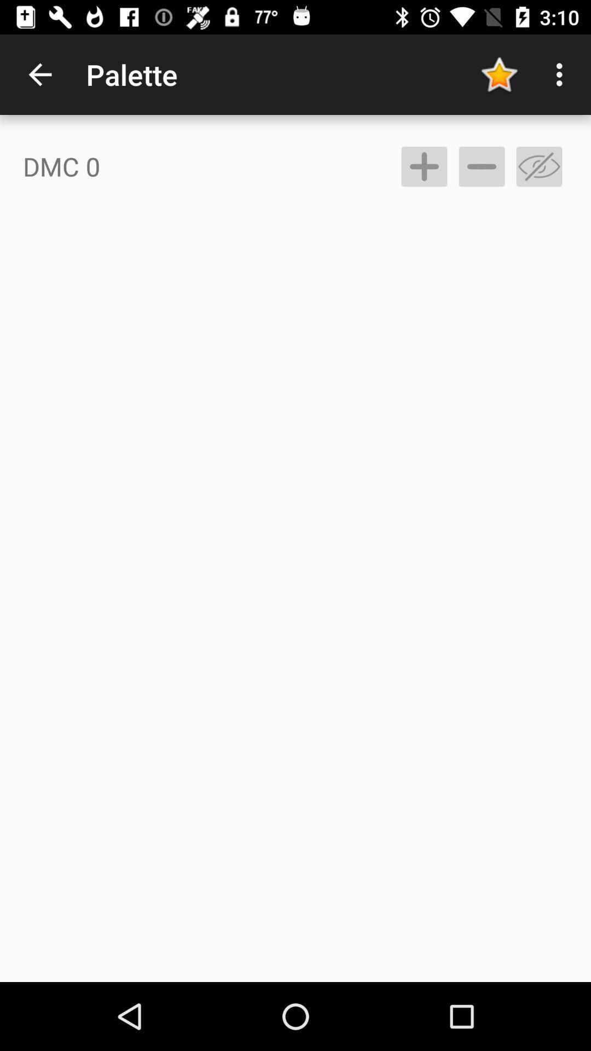 The image size is (591, 1051). What do you see at coordinates (538, 166) in the screenshot?
I see `the visibility icon` at bounding box center [538, 166].